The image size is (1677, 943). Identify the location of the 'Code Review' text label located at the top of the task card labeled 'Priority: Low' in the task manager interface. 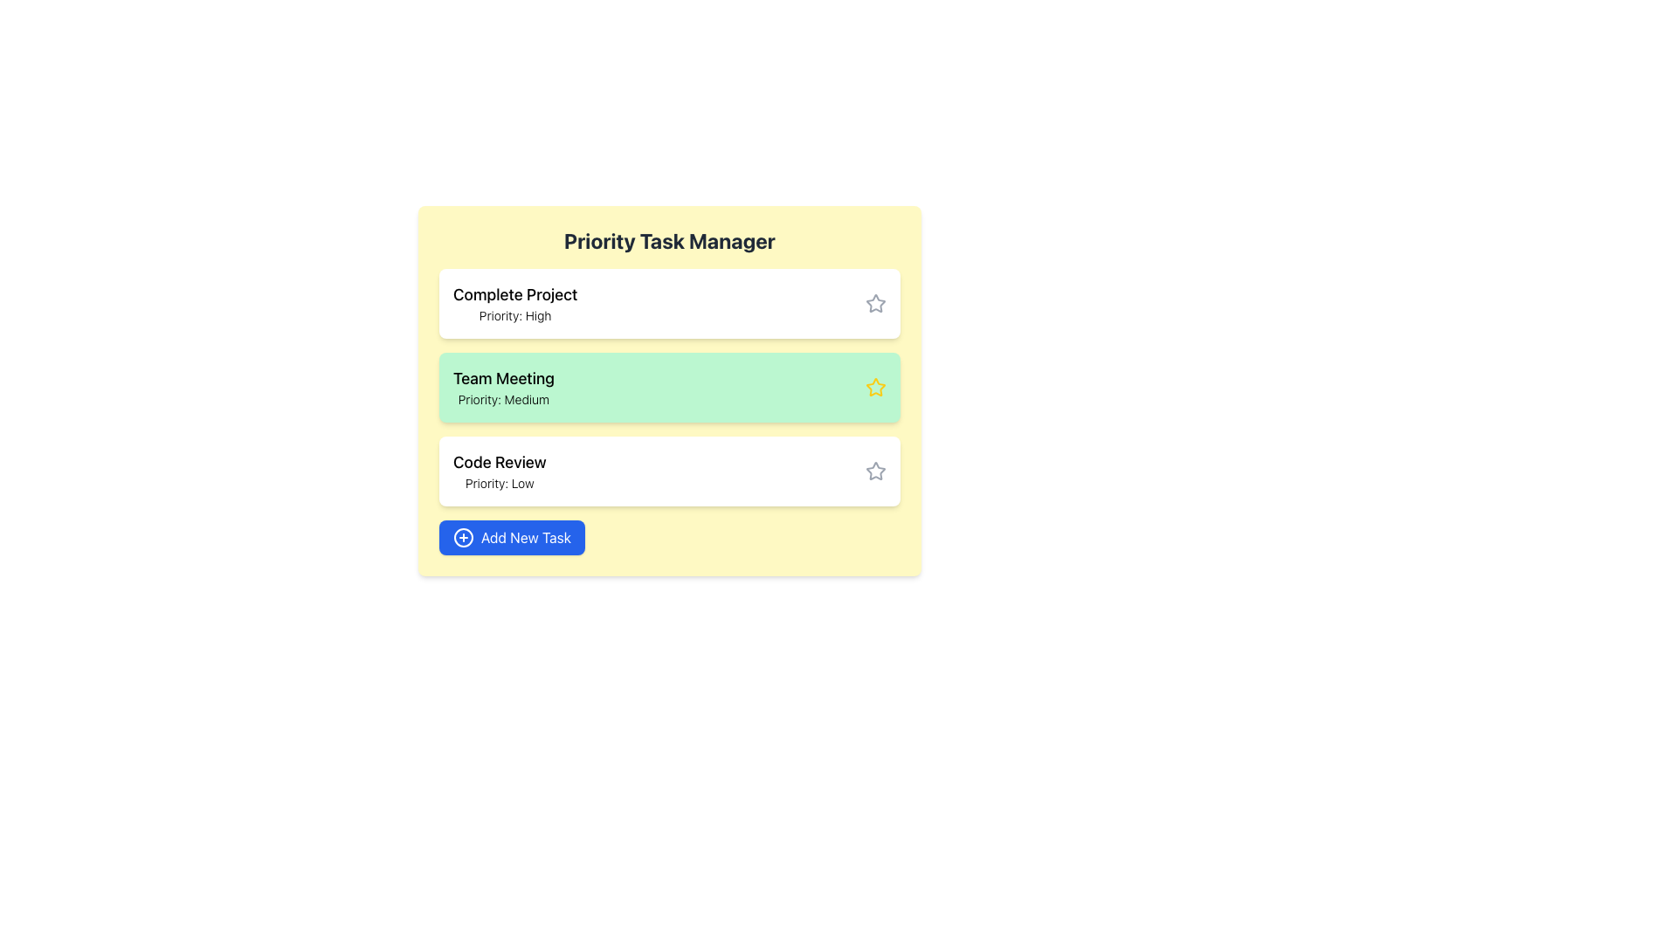
(499, 461).